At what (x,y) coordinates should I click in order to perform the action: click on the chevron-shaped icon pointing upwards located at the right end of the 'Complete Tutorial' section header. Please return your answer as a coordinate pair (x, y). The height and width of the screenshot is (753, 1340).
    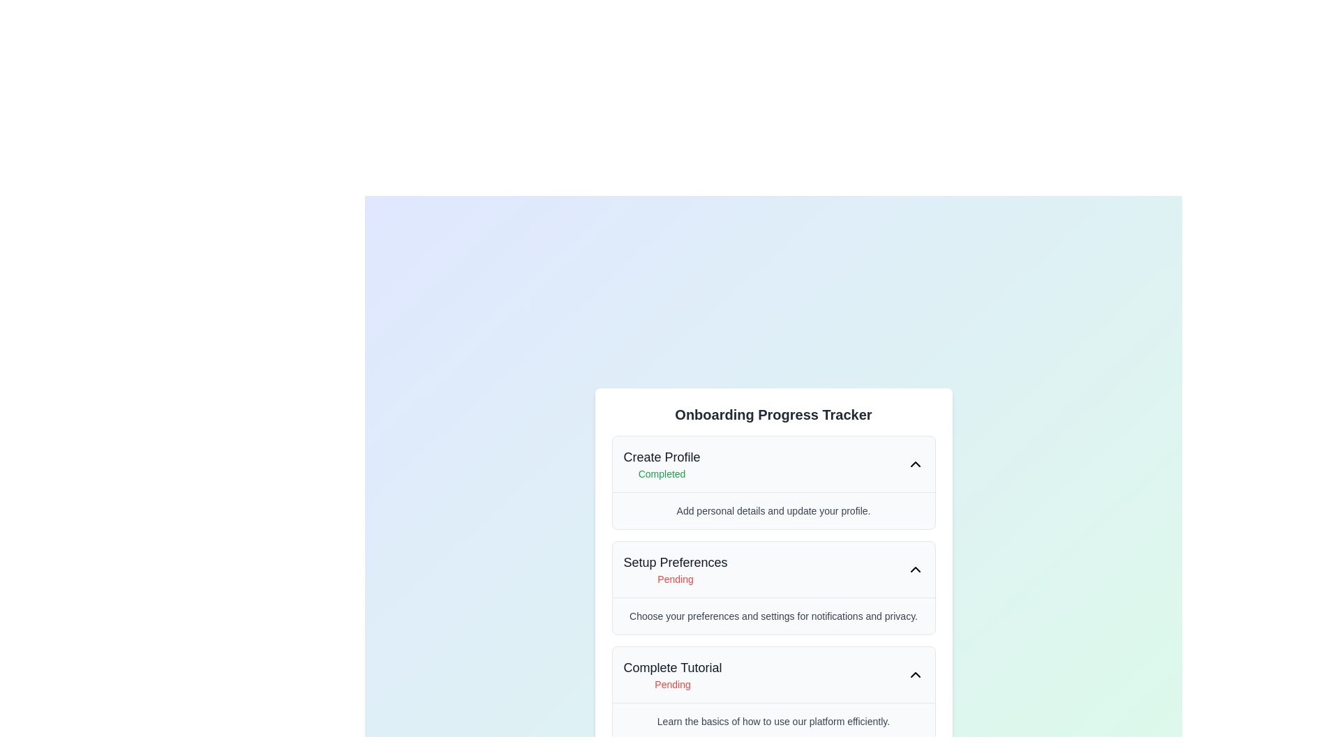
    Looking at the image, I should click on (915, 674).